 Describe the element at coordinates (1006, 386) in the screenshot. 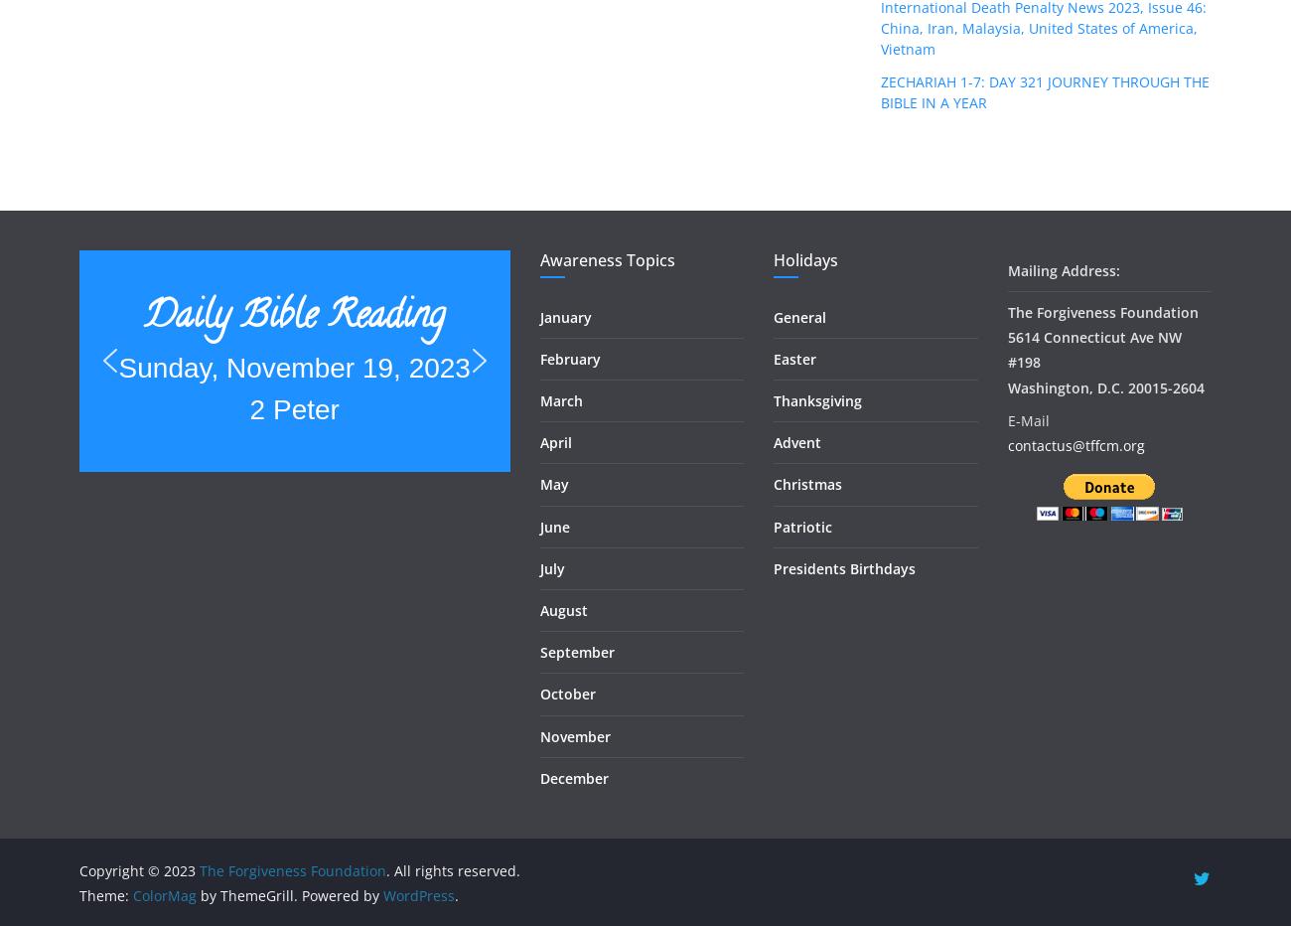

I see `'Washington, D.C. 20015-2604'` at that location.